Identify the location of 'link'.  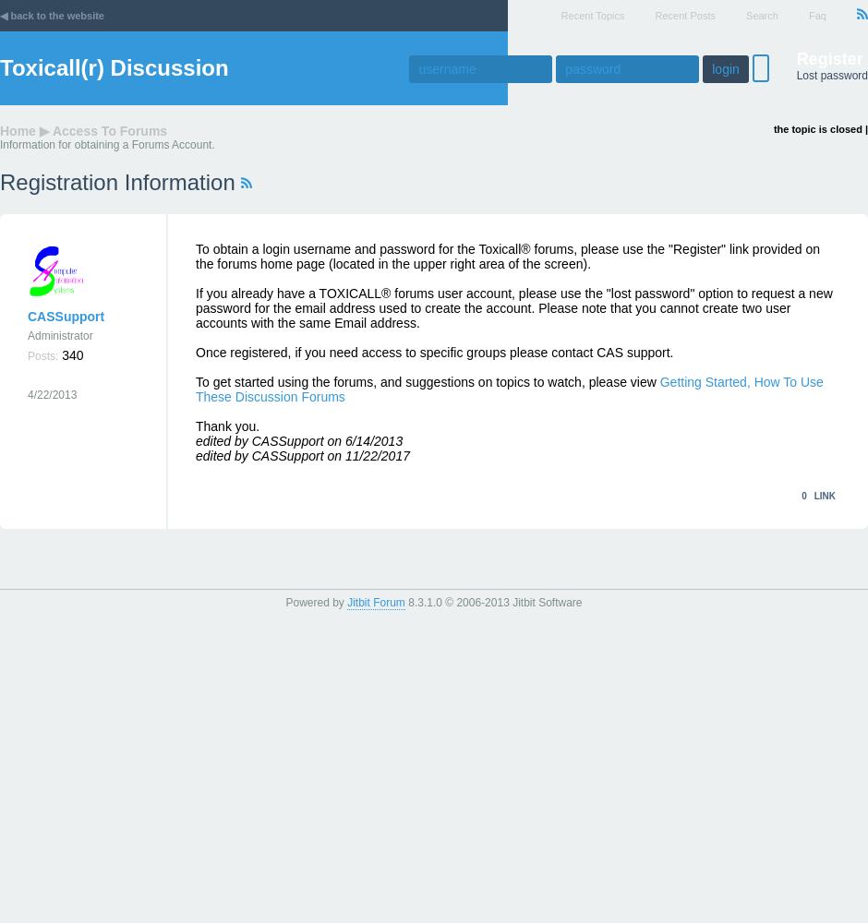
(813, 496).